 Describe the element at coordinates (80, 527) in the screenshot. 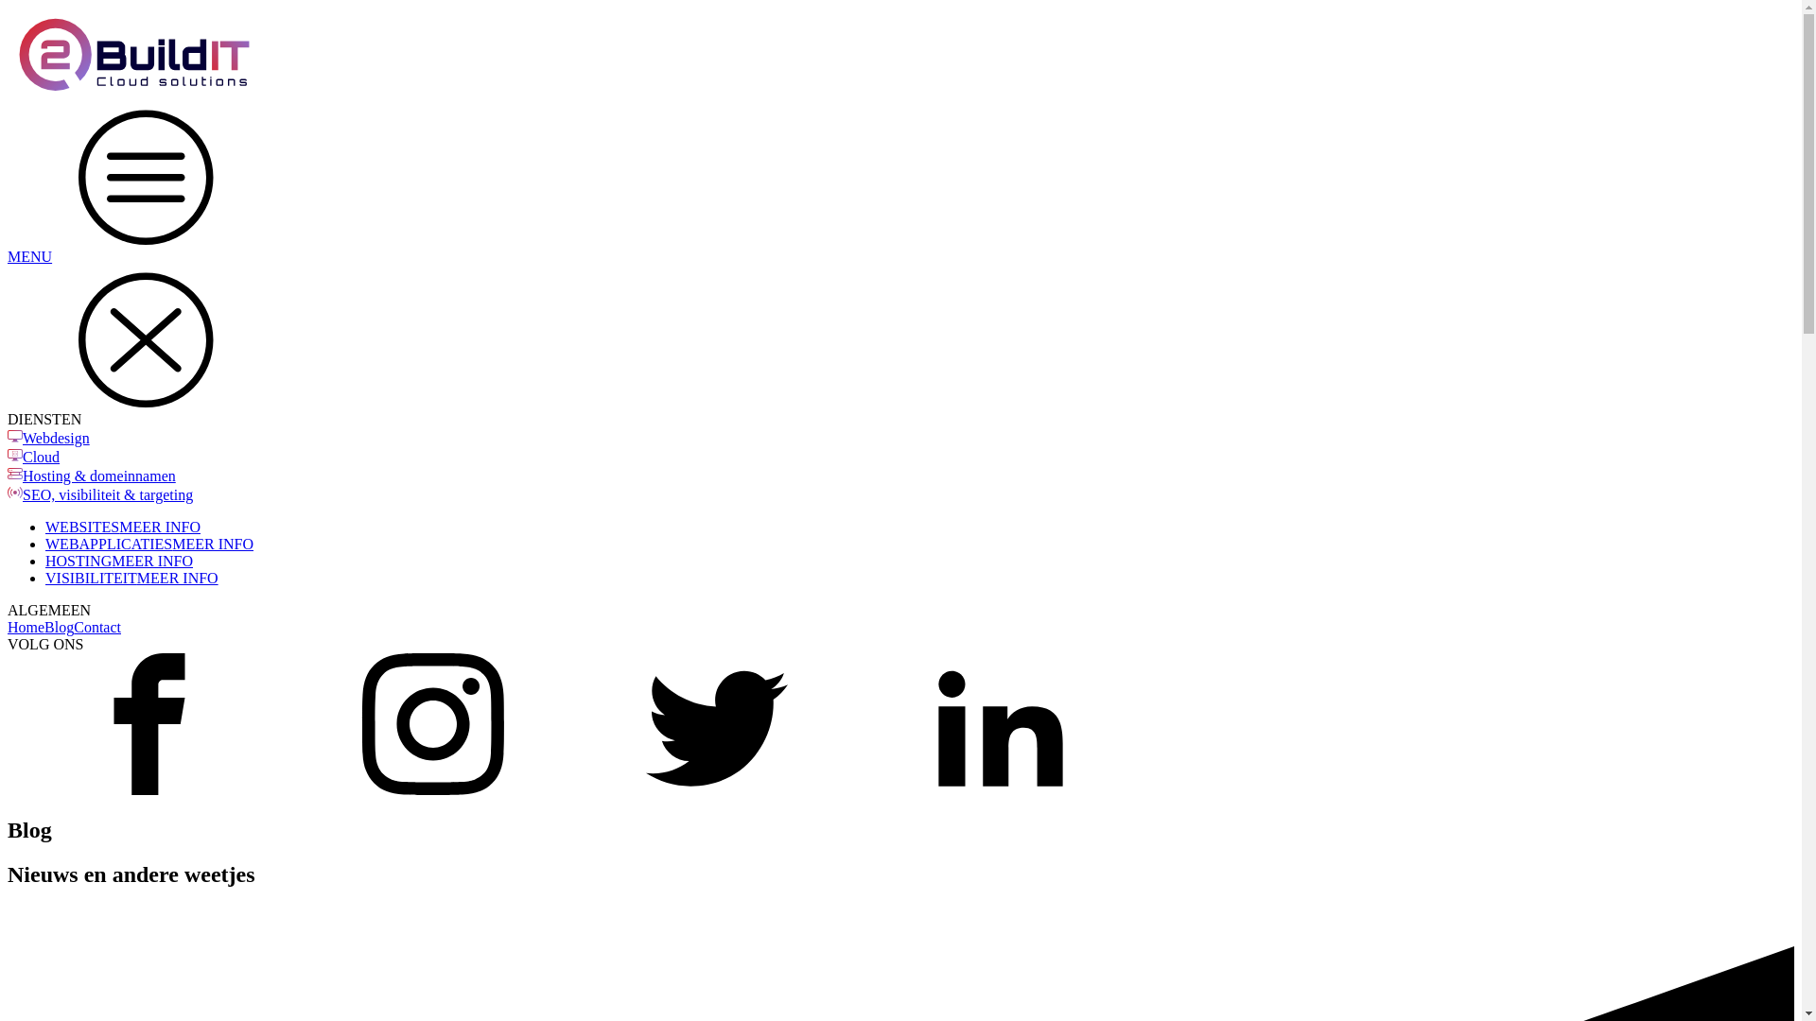

I see `'WEBSITES'` at that location.